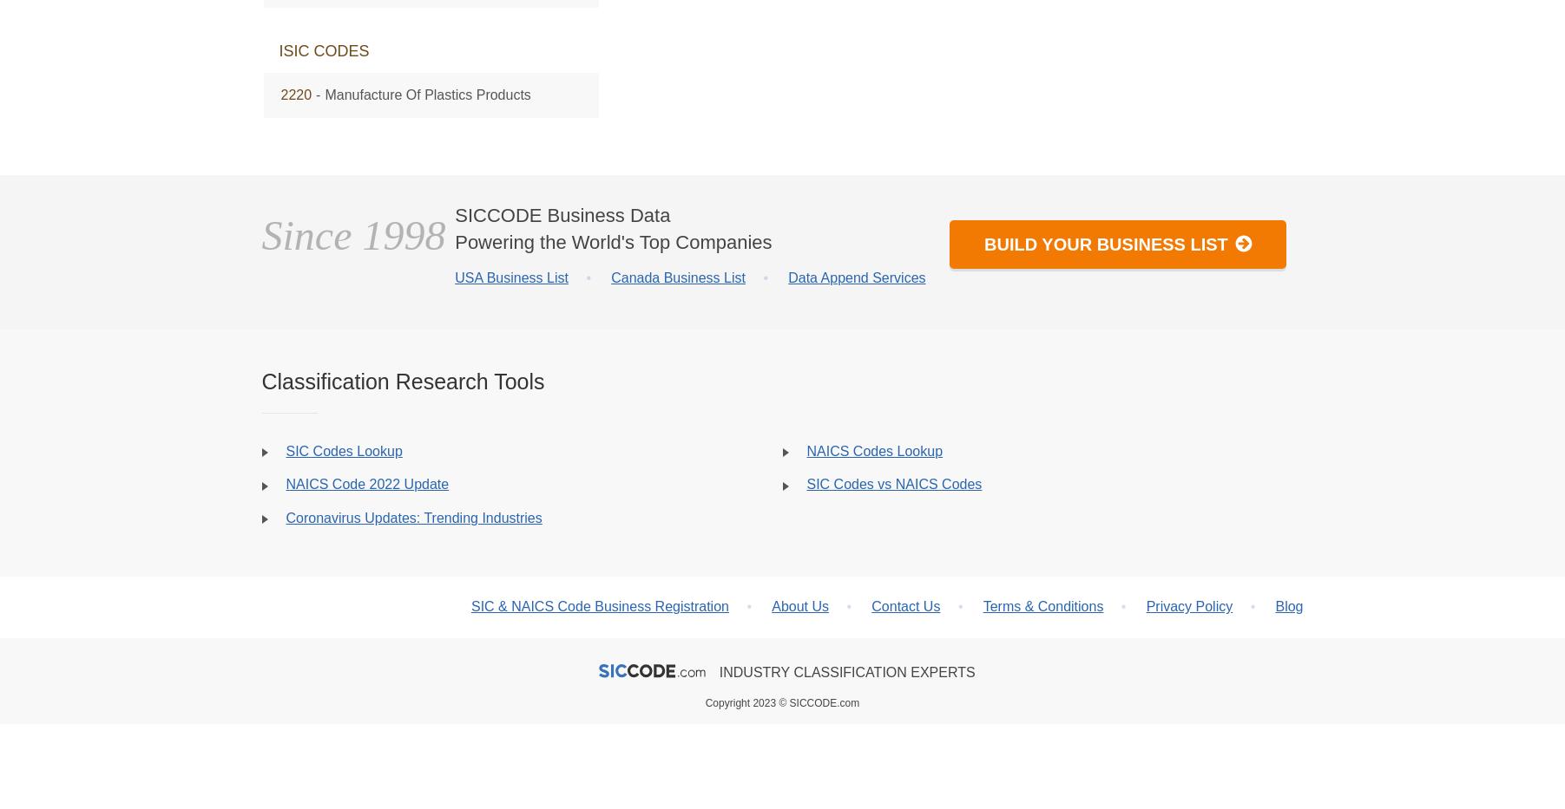 The height and width of the screenshot is (809, 1565). Describe the element at coordinates (873, 450) in the screenshot. I see `'NAICS Codes Lookup'` at that location.